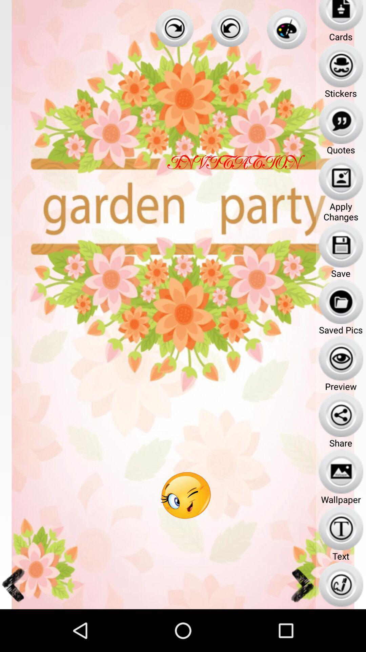 This screenshot has height=652, width=366. I want to click on the globe icon, so click(287, 31).